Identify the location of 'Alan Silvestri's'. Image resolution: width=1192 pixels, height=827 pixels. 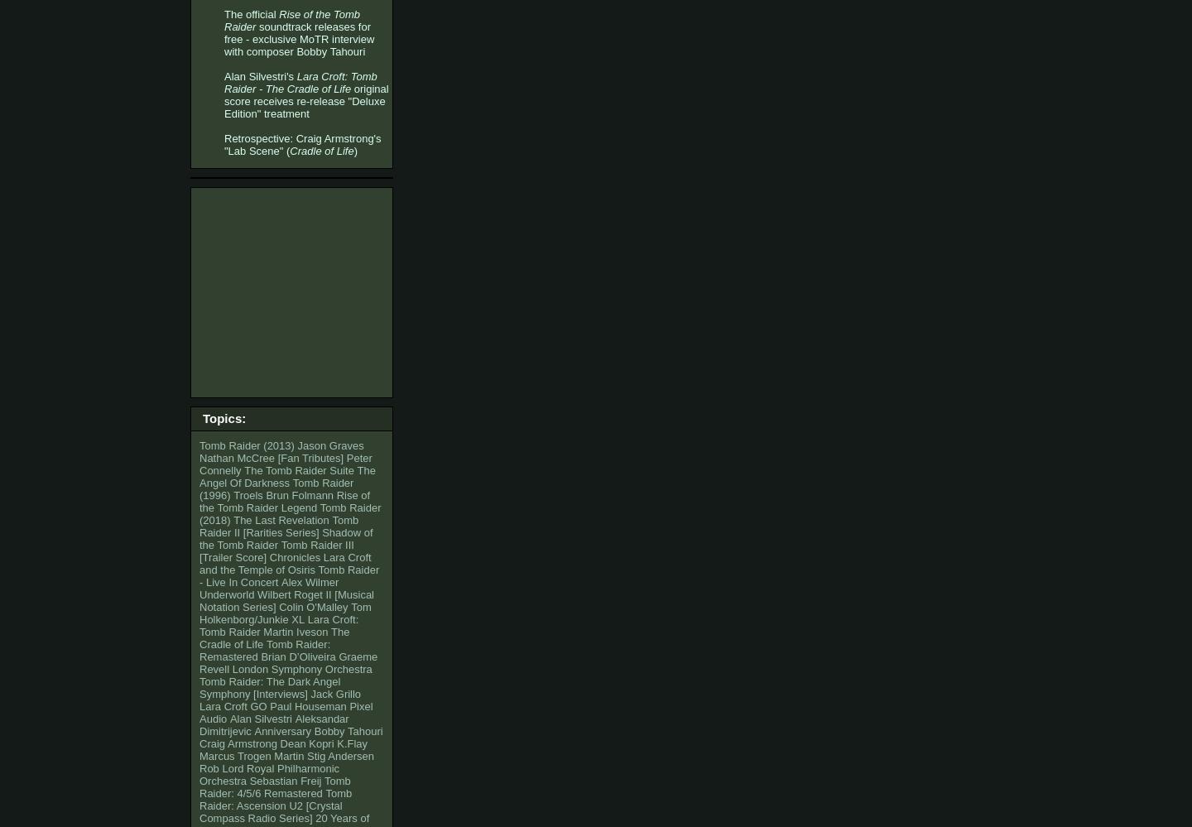
(223, 75).